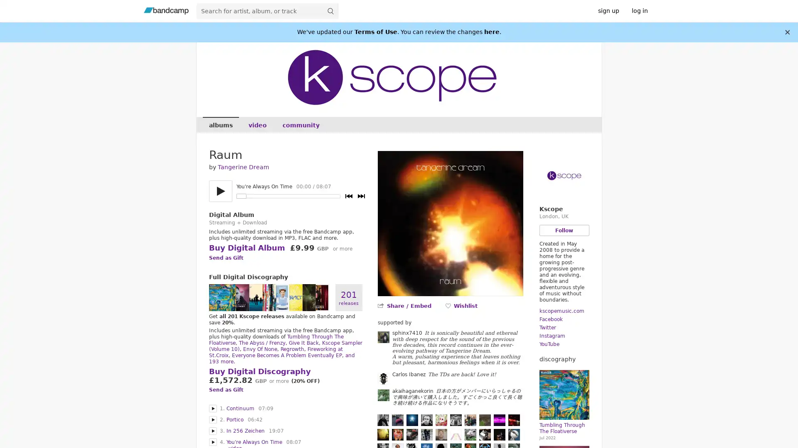 The width and height of the screenshot is (798, 448). What do you see at coordinates (259, 370) in the screenshot?
I see `Buy Digital Discography` at bounding box center [259, 370].